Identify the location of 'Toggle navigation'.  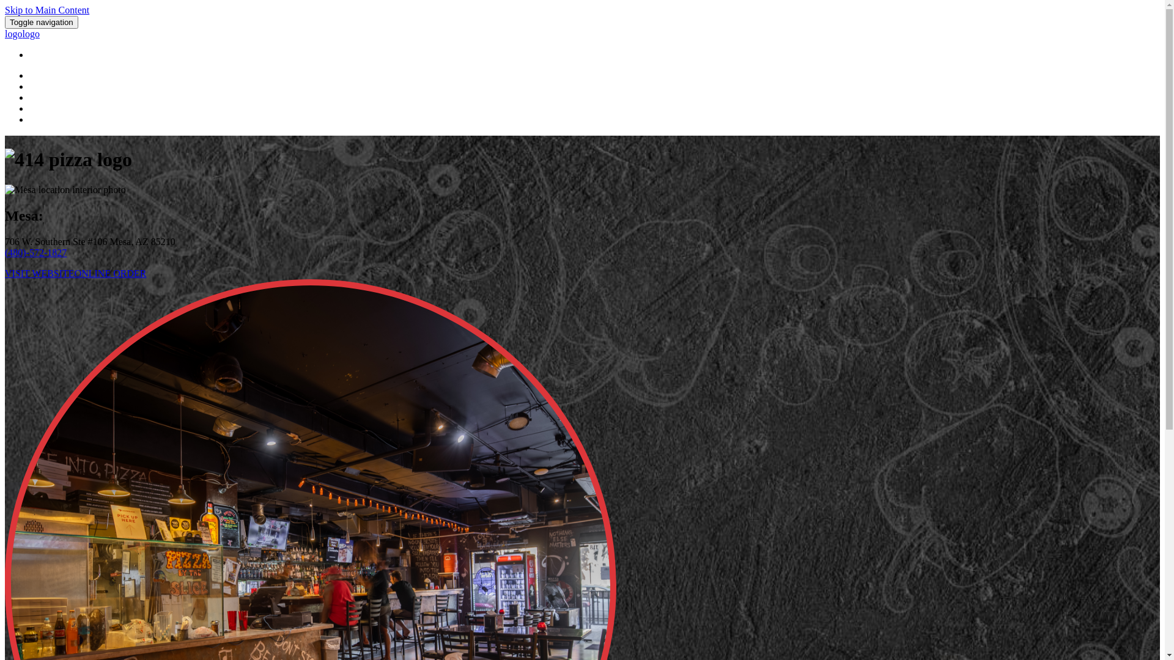
(41, 22).